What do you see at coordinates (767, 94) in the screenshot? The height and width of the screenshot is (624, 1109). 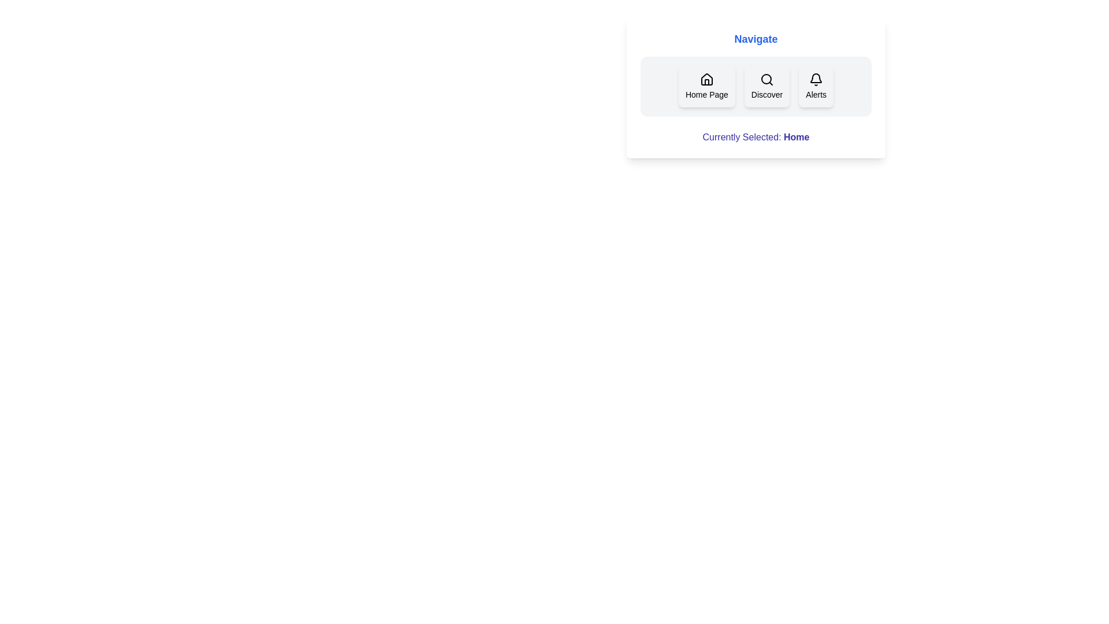 I see `the 'Discover' text label located in the second button of the navigation bar` at bounding box center [767, 94].